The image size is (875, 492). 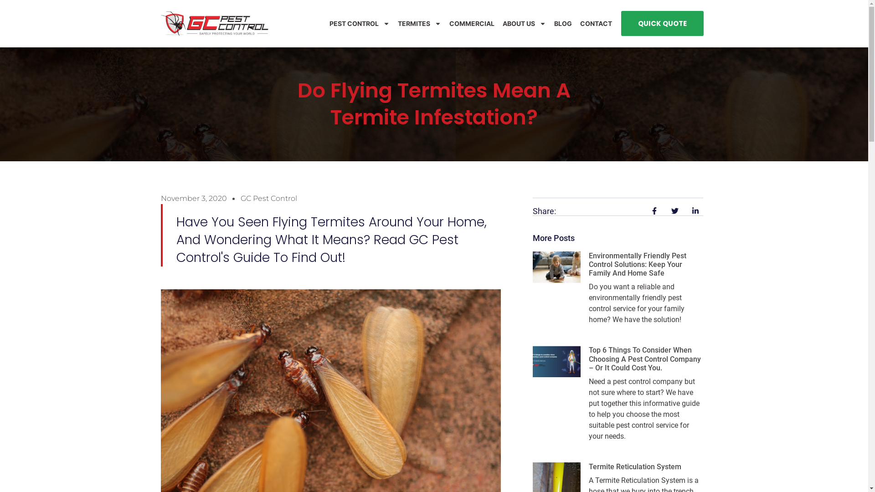 What do you see at coordinates (449, 23) in the screenshot?
I see `'COMMERCIAL'` at bounding box center [449, 23].